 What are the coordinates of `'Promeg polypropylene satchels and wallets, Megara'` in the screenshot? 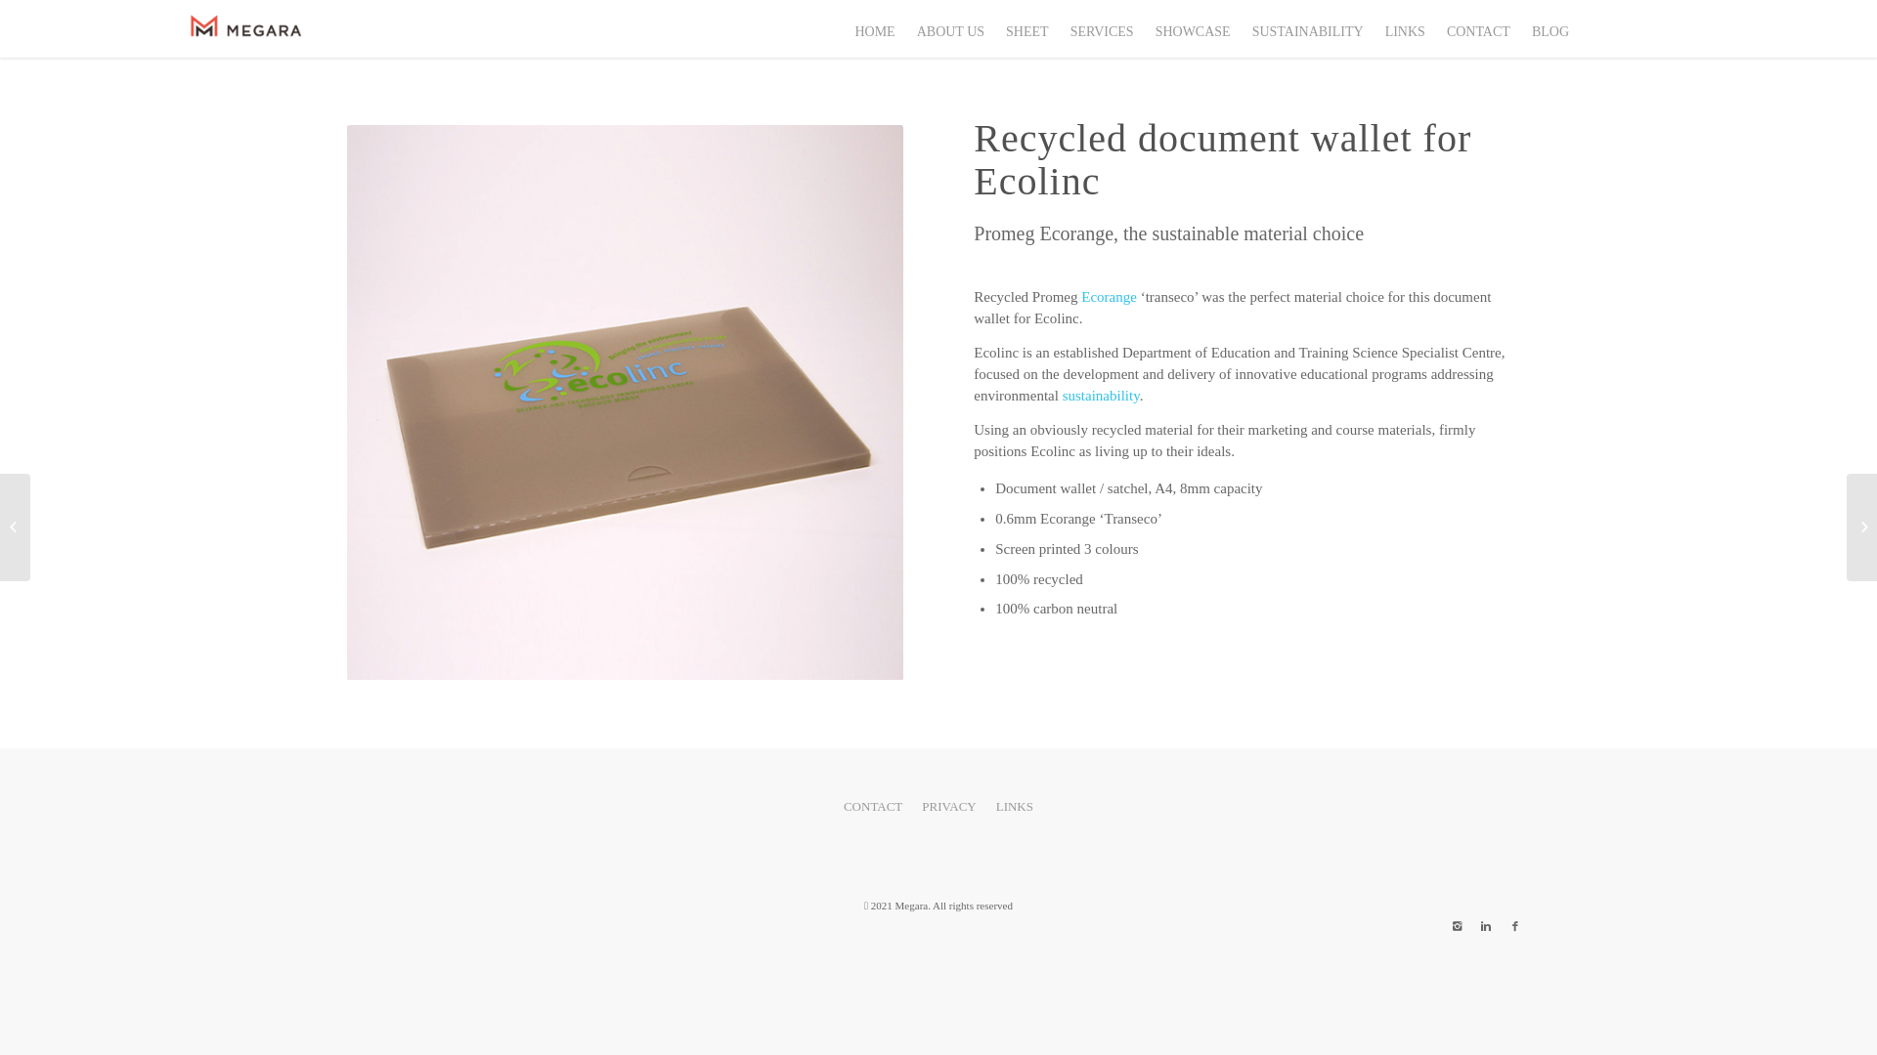 It's located at (624, 401).